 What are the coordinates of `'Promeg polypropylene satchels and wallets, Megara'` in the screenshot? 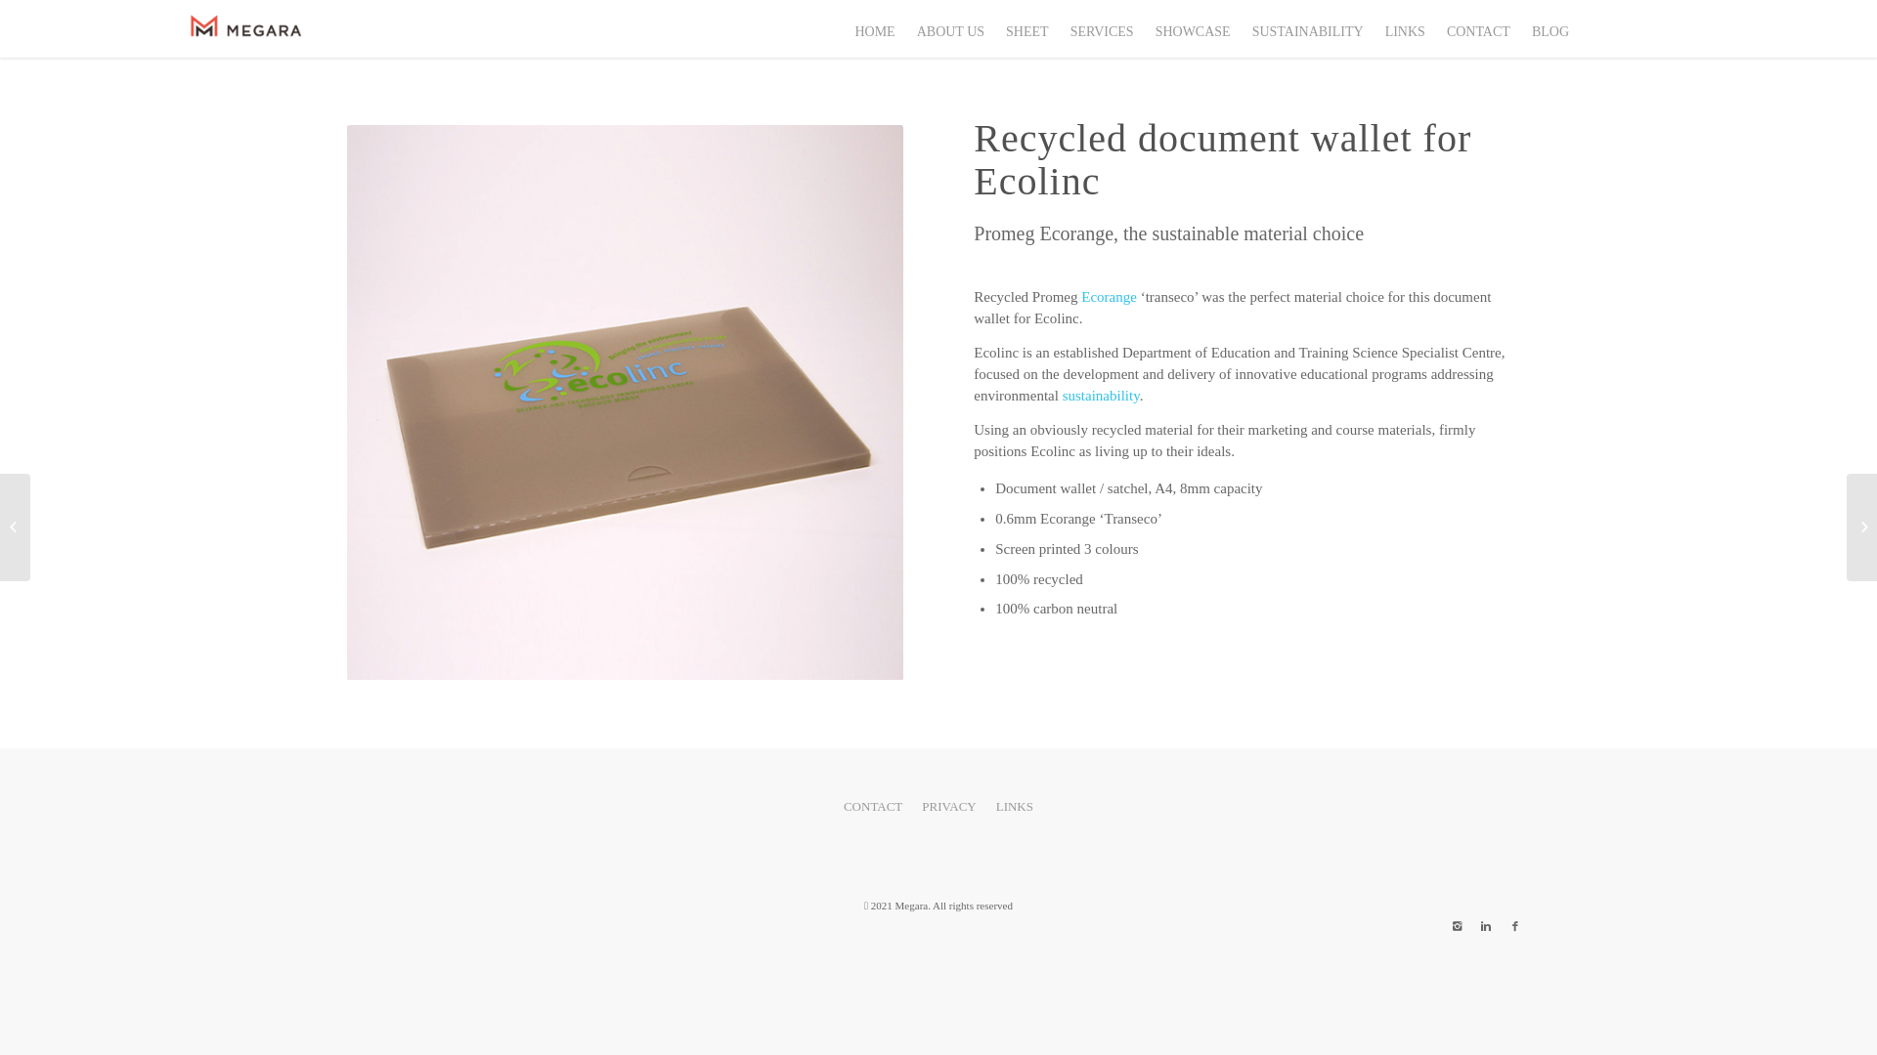 It's located at (624, 401).